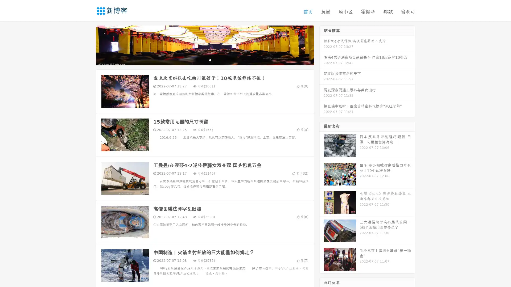 This screenshot has height=287, width=511. What do you see at coordinates (204, 60) in the screenshot?
I see `Go to slide 2` at bounding box center [204, 60].